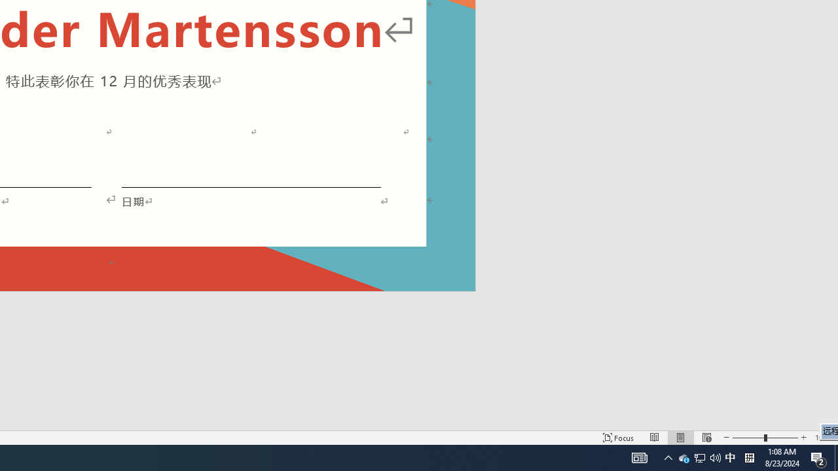 The image size is (838, 471). What do you see at coordinates (823, 438) in the screenshot?
I see `'Zoom 100%'` at bounding box center [823, 438].